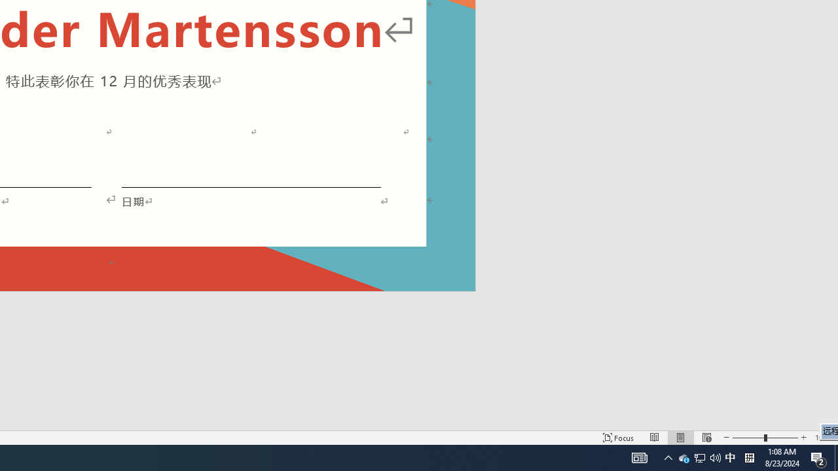 The image size is (838, 471). What do you see at coordinates (823, 438) in the screenshot?
I see `'Zoom 100%'` at bounding box center [823, 438].